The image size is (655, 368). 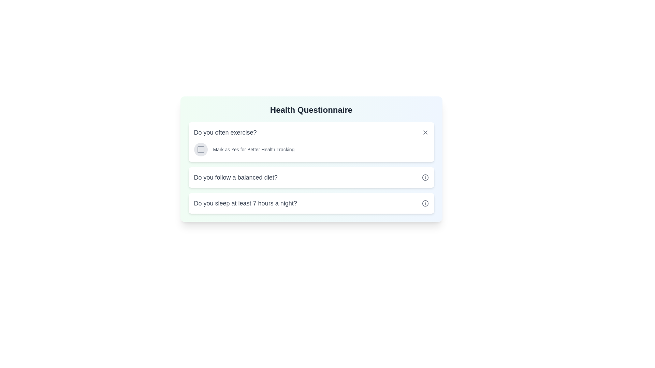 I want to click on the small, square-shaped 'X' button in the top-right corner of the question block titled 'Do you often exercise?', so click(x=425, y=133).